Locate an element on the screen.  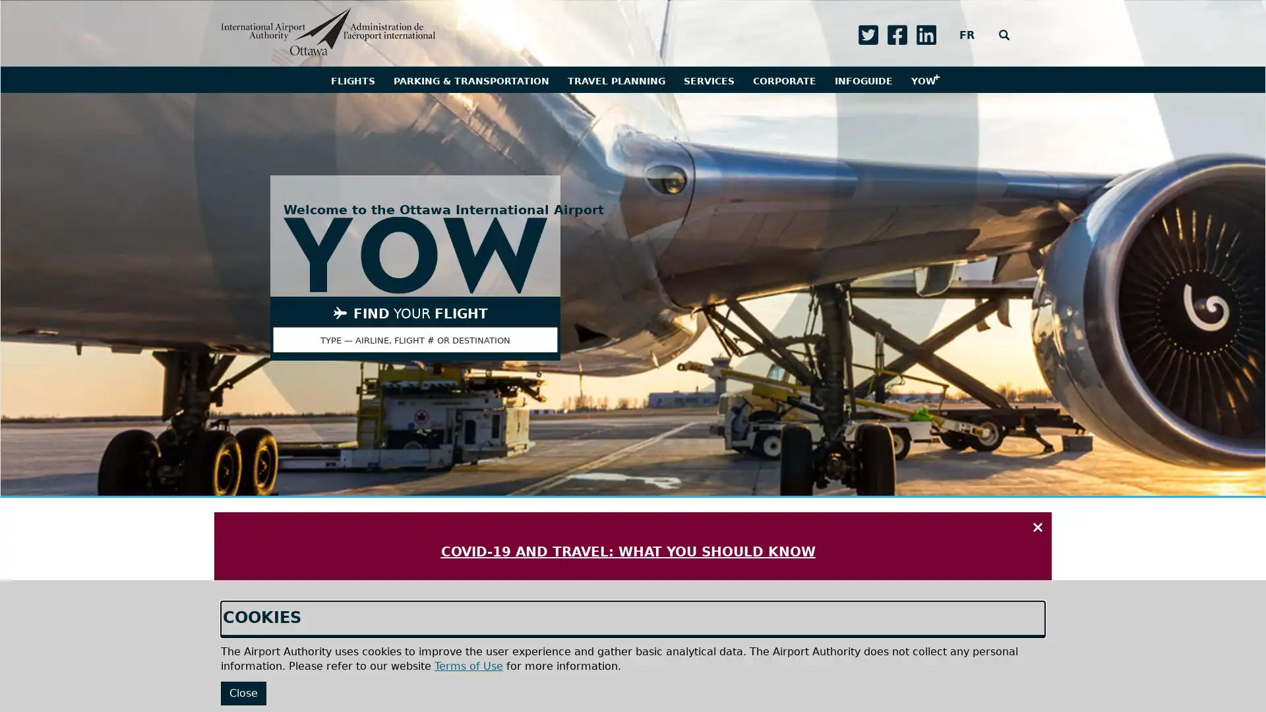
Close is located at coordinates (243, 692).